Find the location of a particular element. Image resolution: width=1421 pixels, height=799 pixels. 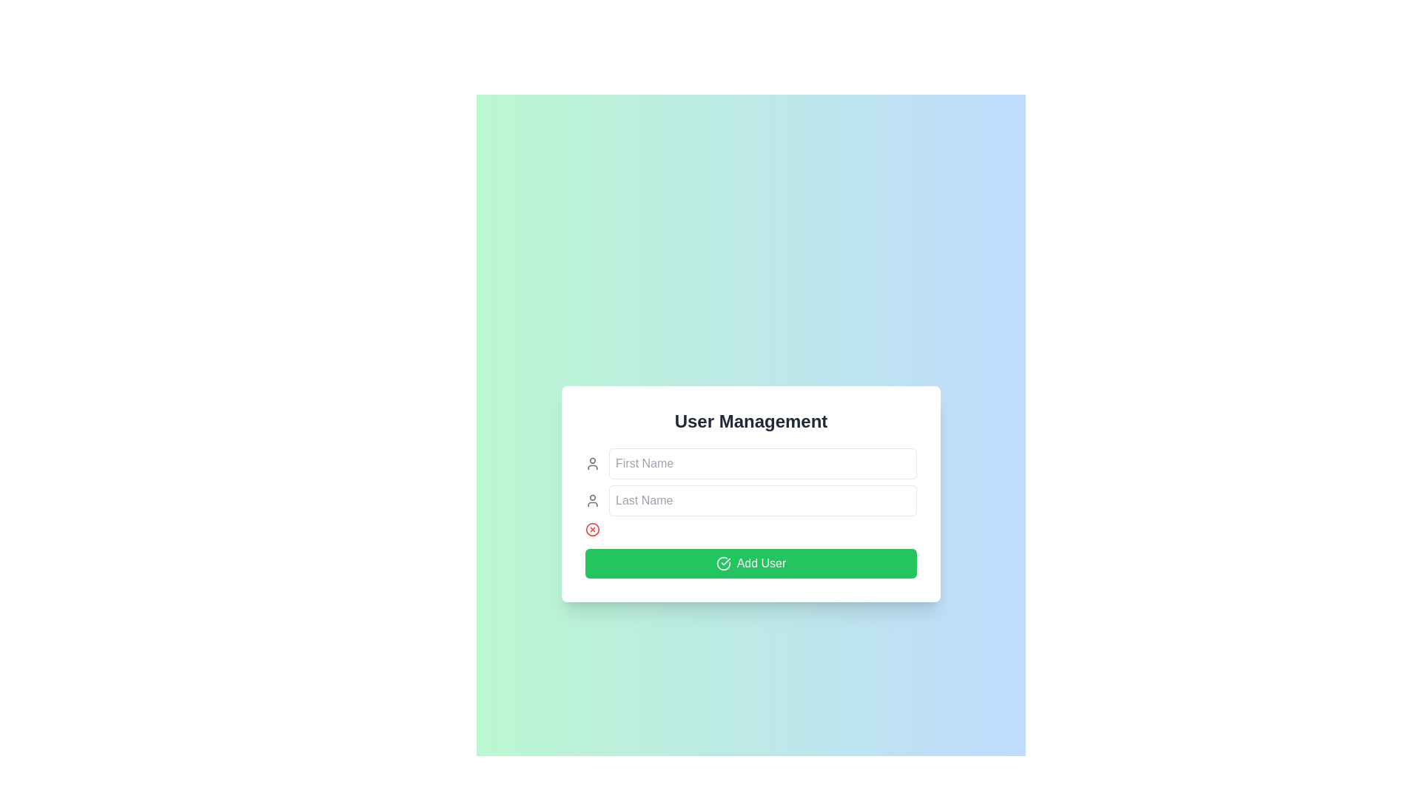

the minimalist gray person icon located below the 'First Name' icon and above the red cancel icon in the vertical stack of icons is located at coordinates (593, 463).